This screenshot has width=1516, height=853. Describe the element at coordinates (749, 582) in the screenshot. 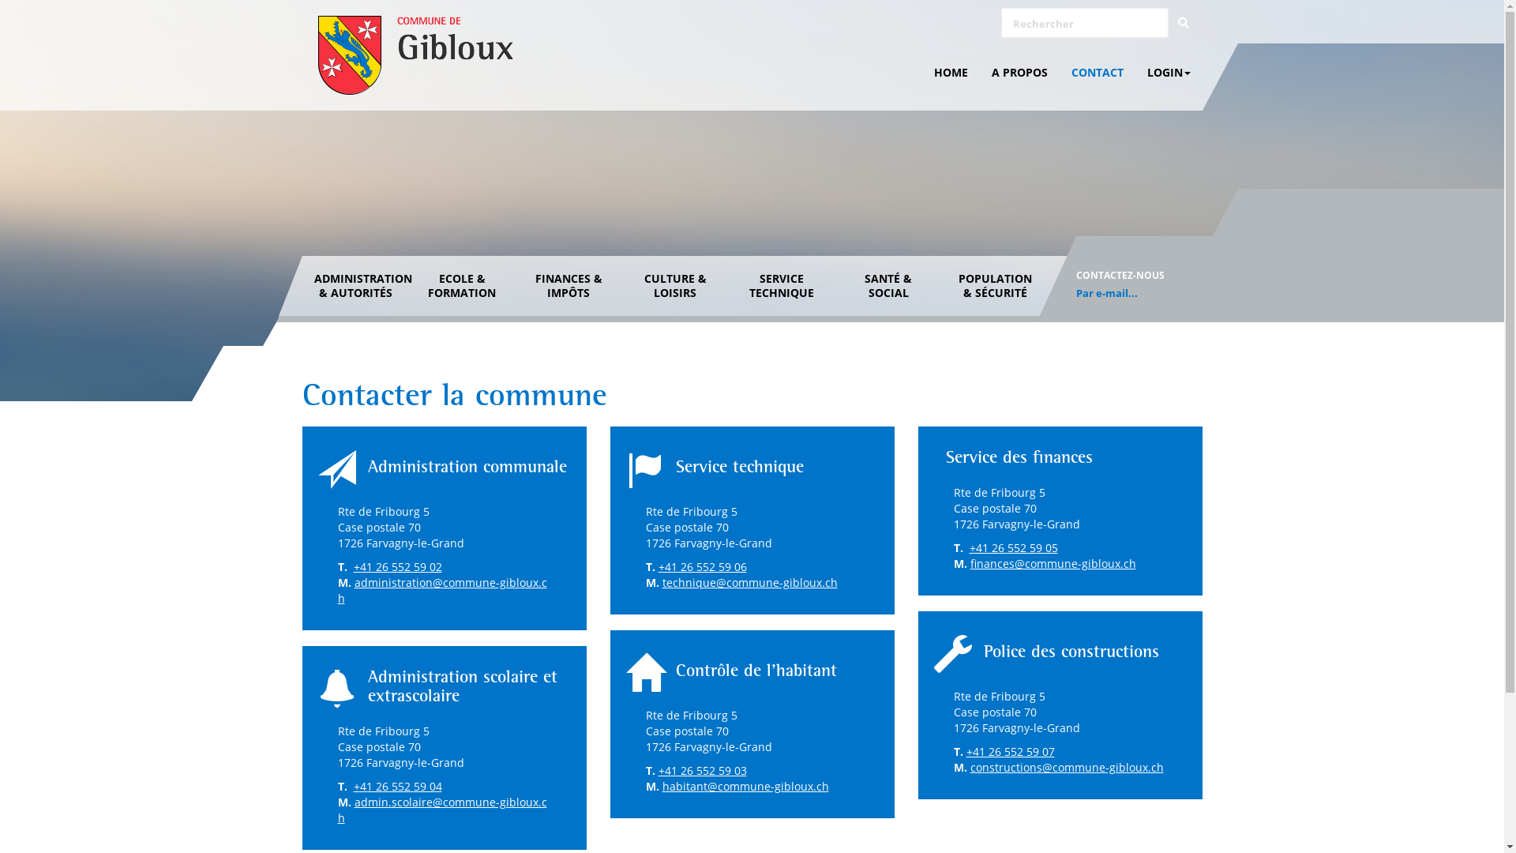

I see `'technique@commune-gibloux.ch'` at that location.